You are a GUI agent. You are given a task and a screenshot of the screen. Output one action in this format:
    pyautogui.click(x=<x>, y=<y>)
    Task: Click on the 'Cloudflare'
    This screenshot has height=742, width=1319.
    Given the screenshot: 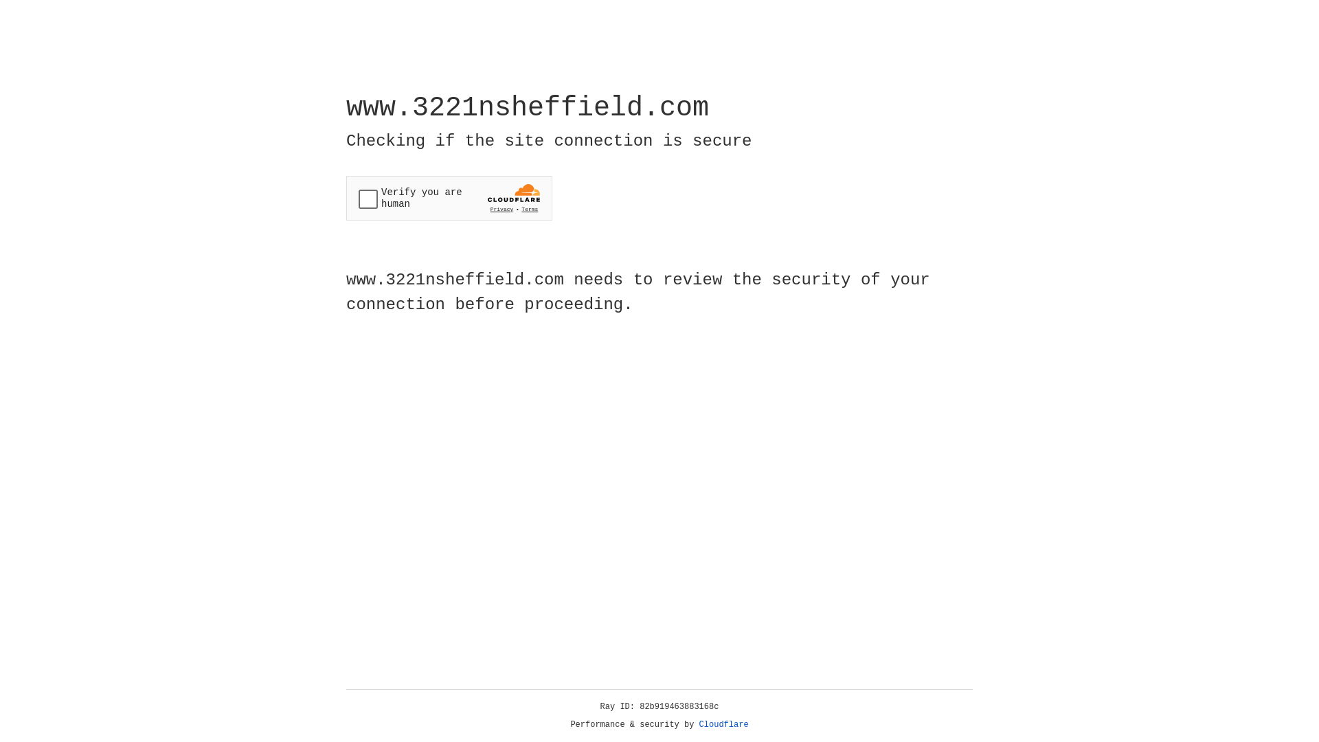 What is the action you would take?
    pyautogui.click(x=723, y=724)
    